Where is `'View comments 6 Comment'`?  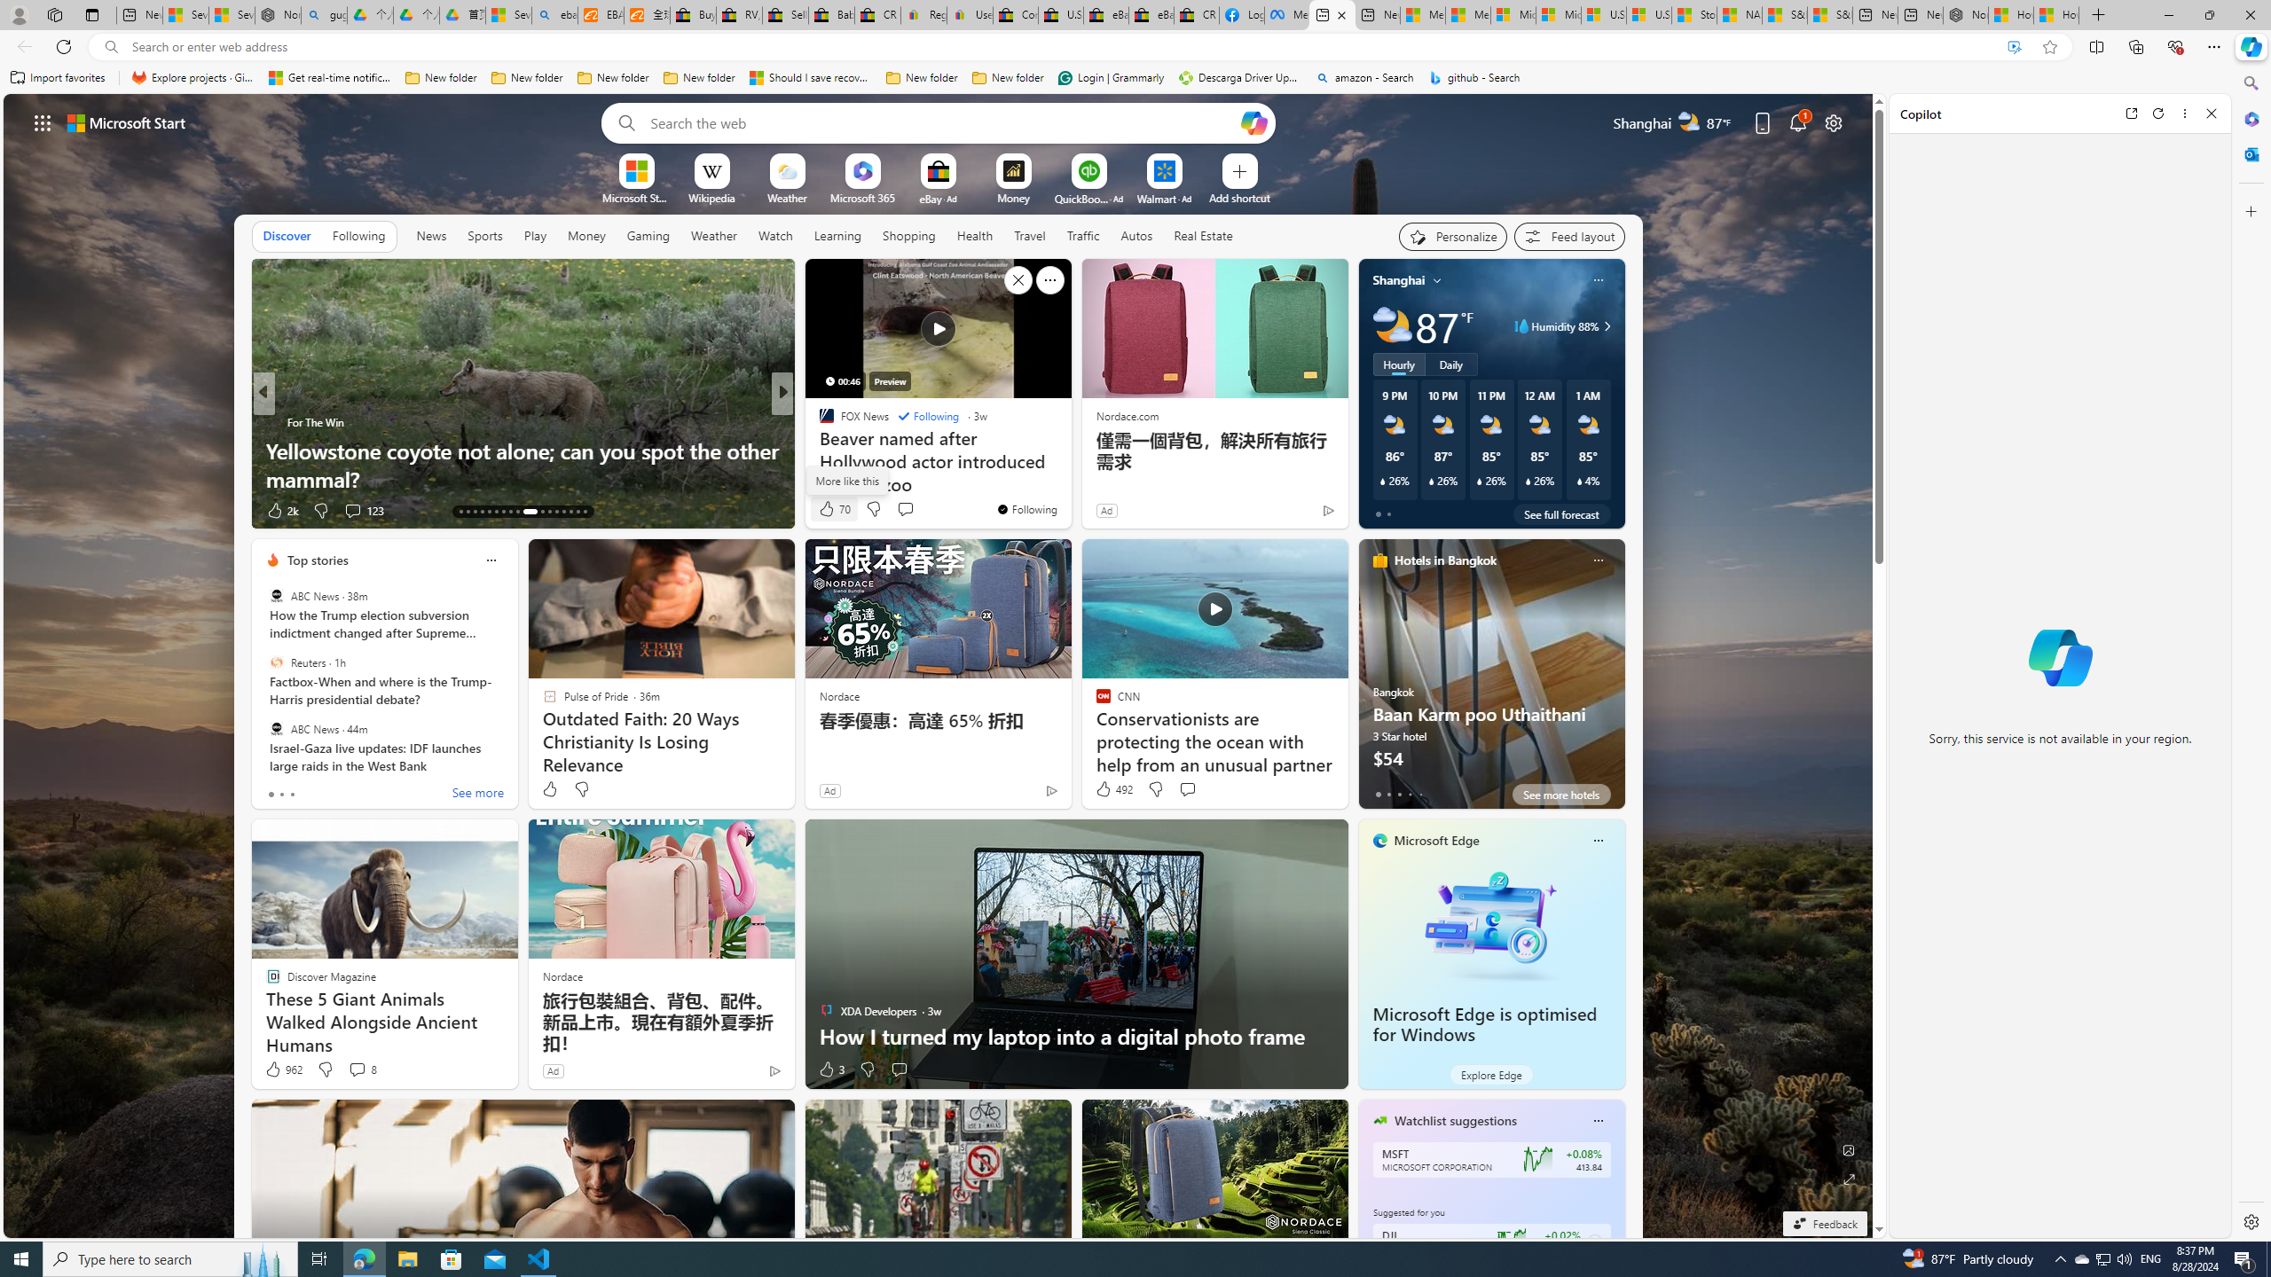 'View comments 6 Comment' is located at coordinates (898, 509).